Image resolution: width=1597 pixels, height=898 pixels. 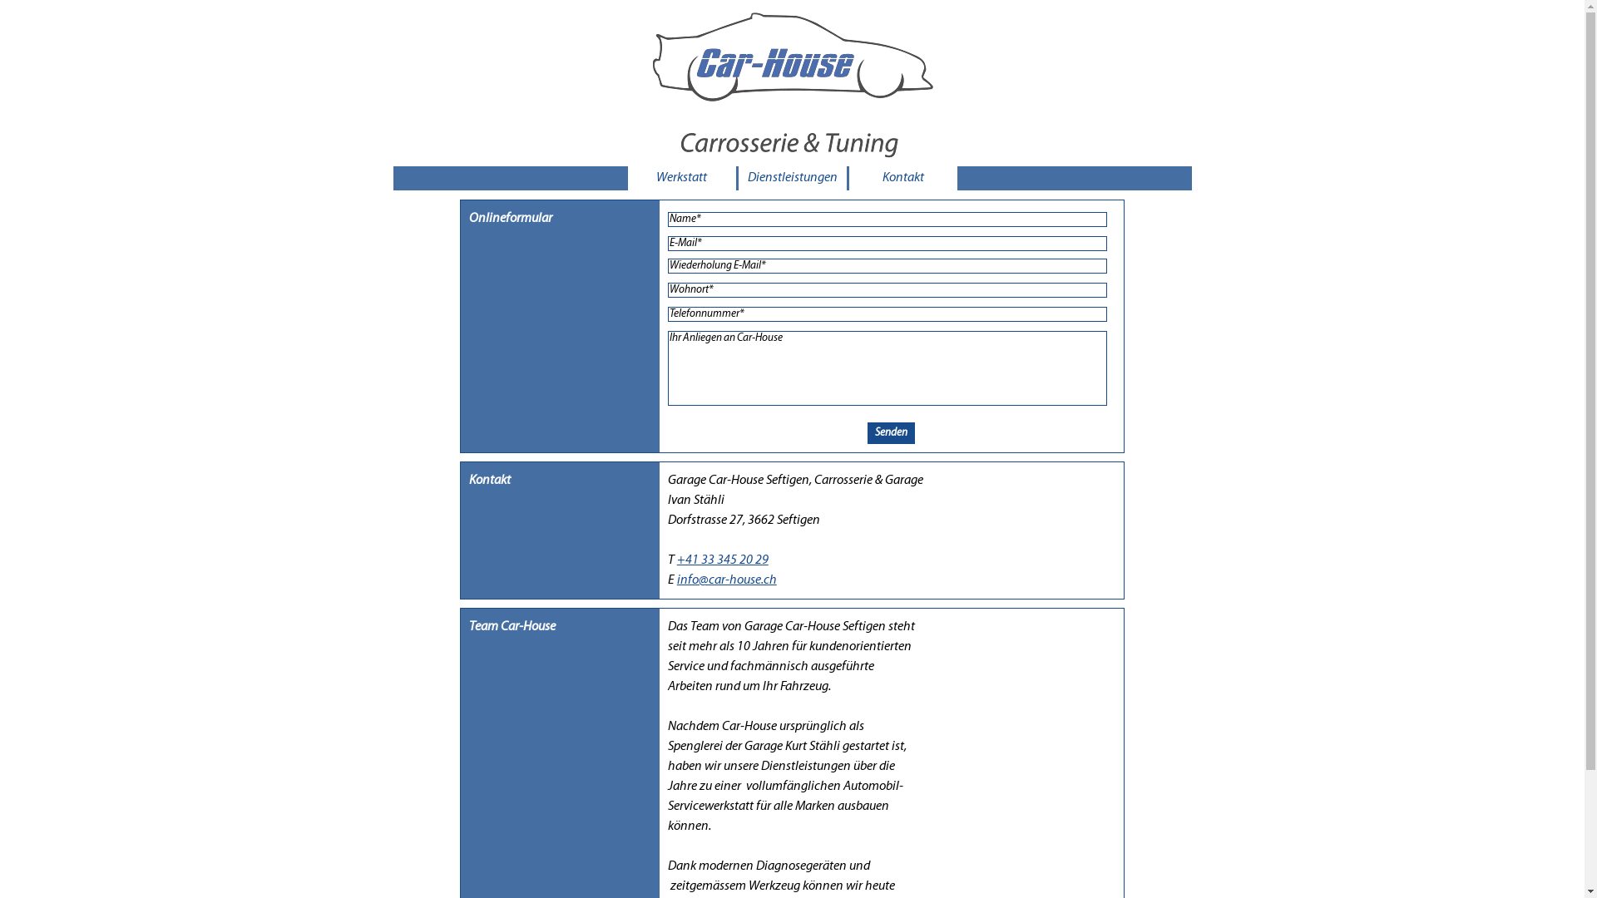 What do you see at coordinates (726, 580) in the screenshot?
I see `'info@car-house.ch'` at bounding box center [726, 580].